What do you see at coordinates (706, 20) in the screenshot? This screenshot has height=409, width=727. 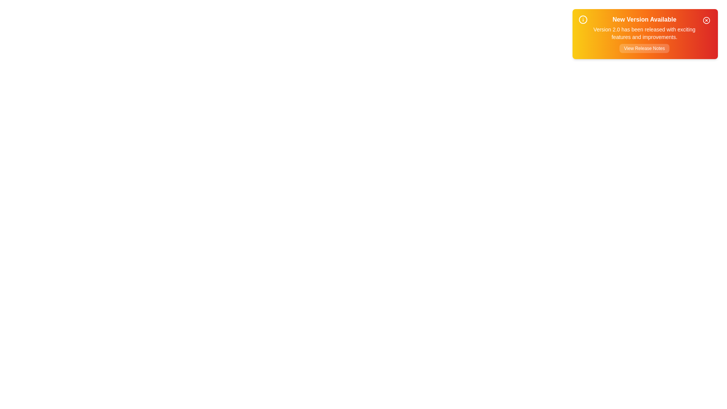 I see `close button to dismiss the snackbar` at bounding box center [706, 20].